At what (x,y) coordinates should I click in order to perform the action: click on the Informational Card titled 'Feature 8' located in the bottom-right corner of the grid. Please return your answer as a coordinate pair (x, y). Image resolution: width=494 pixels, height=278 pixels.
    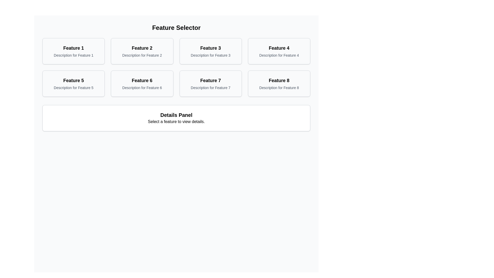
    Looking at the image, I should click on (279, 83).